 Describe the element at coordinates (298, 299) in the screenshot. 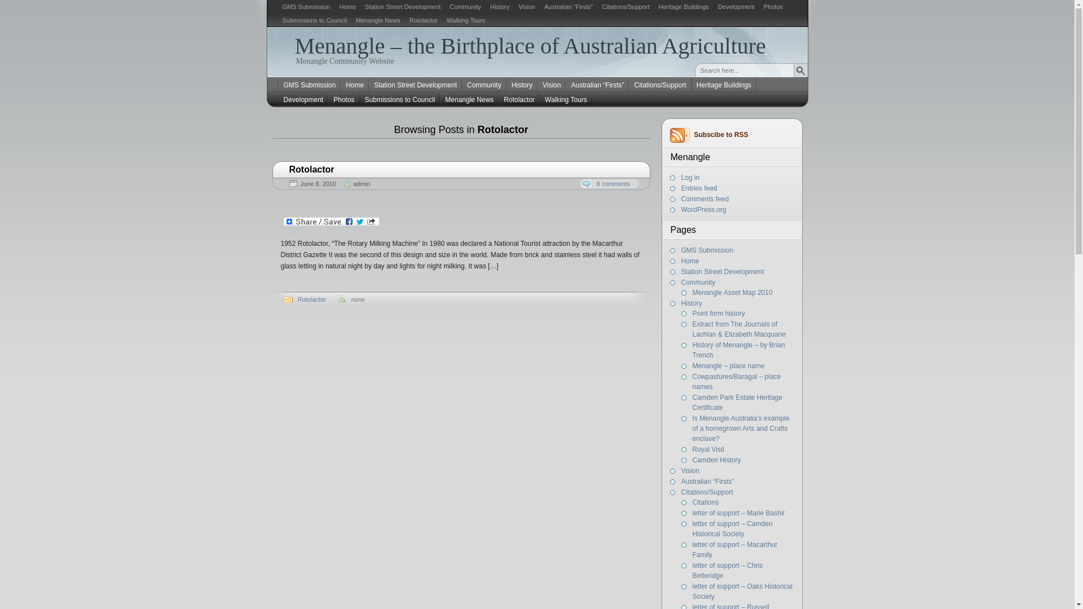

I see `'Rotolactor'` at that location.